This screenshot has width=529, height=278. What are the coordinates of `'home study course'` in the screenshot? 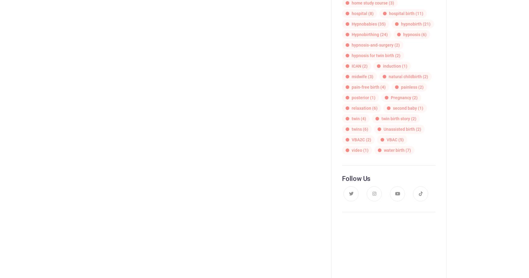 It's located at (369, 2).